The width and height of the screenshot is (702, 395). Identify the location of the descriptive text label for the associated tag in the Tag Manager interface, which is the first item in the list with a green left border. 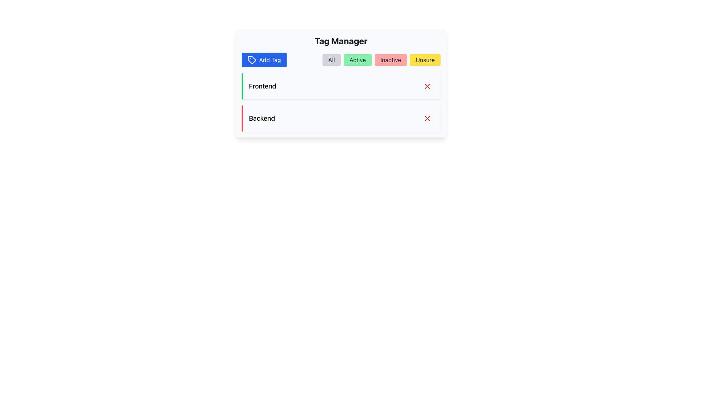
(263, 86).